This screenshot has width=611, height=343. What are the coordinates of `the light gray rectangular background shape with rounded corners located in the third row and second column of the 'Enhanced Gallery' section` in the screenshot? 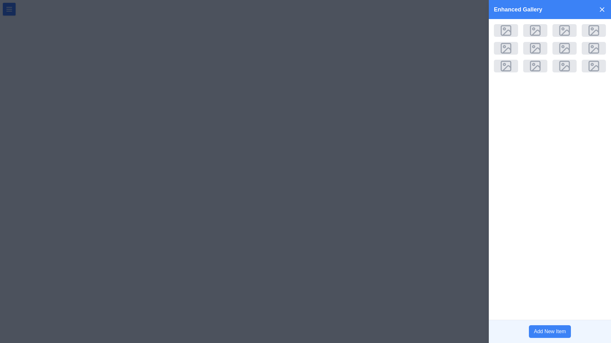 It's located at (565, 30).